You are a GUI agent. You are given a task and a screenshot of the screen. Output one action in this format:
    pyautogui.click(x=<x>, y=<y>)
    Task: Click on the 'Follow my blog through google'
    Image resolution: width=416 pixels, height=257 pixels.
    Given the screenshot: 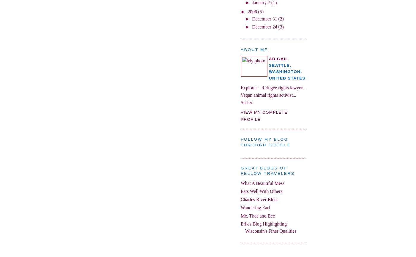 What is the action you would take?
    pyautogui.click(x=266, y=142)
    